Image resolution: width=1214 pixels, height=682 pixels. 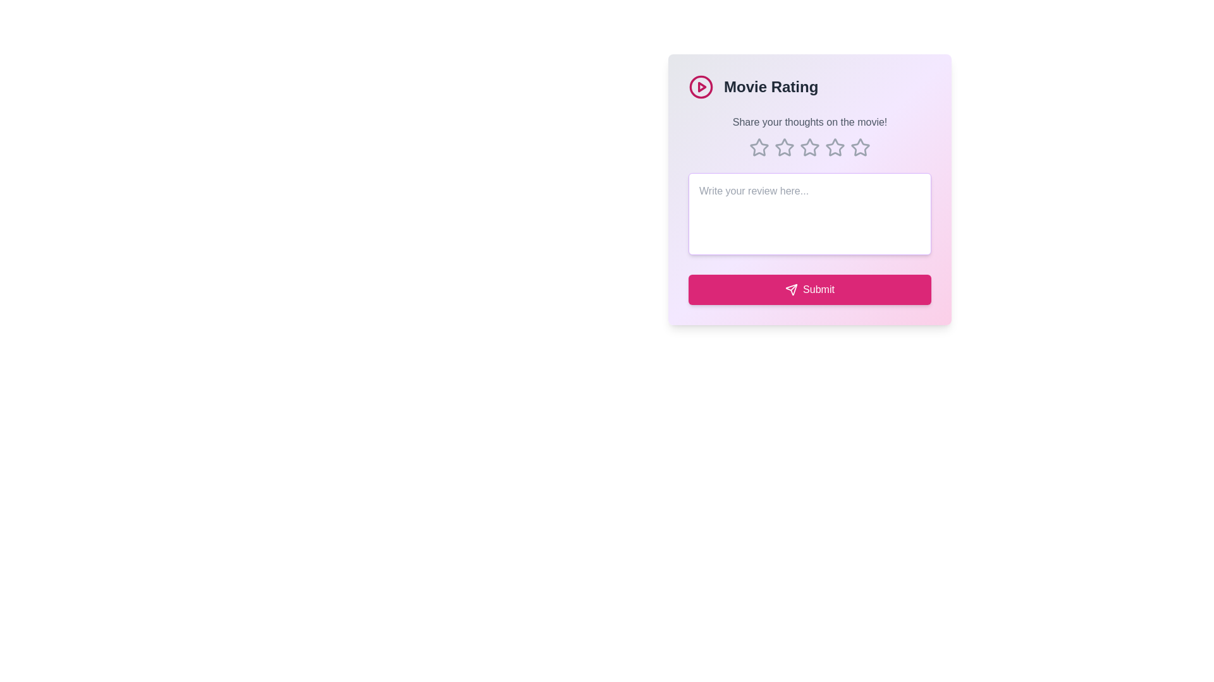 I want to click on the icon within the bright pink 'Submit' button located at the bottom center of the modal interface, so click(x=791, y=290).